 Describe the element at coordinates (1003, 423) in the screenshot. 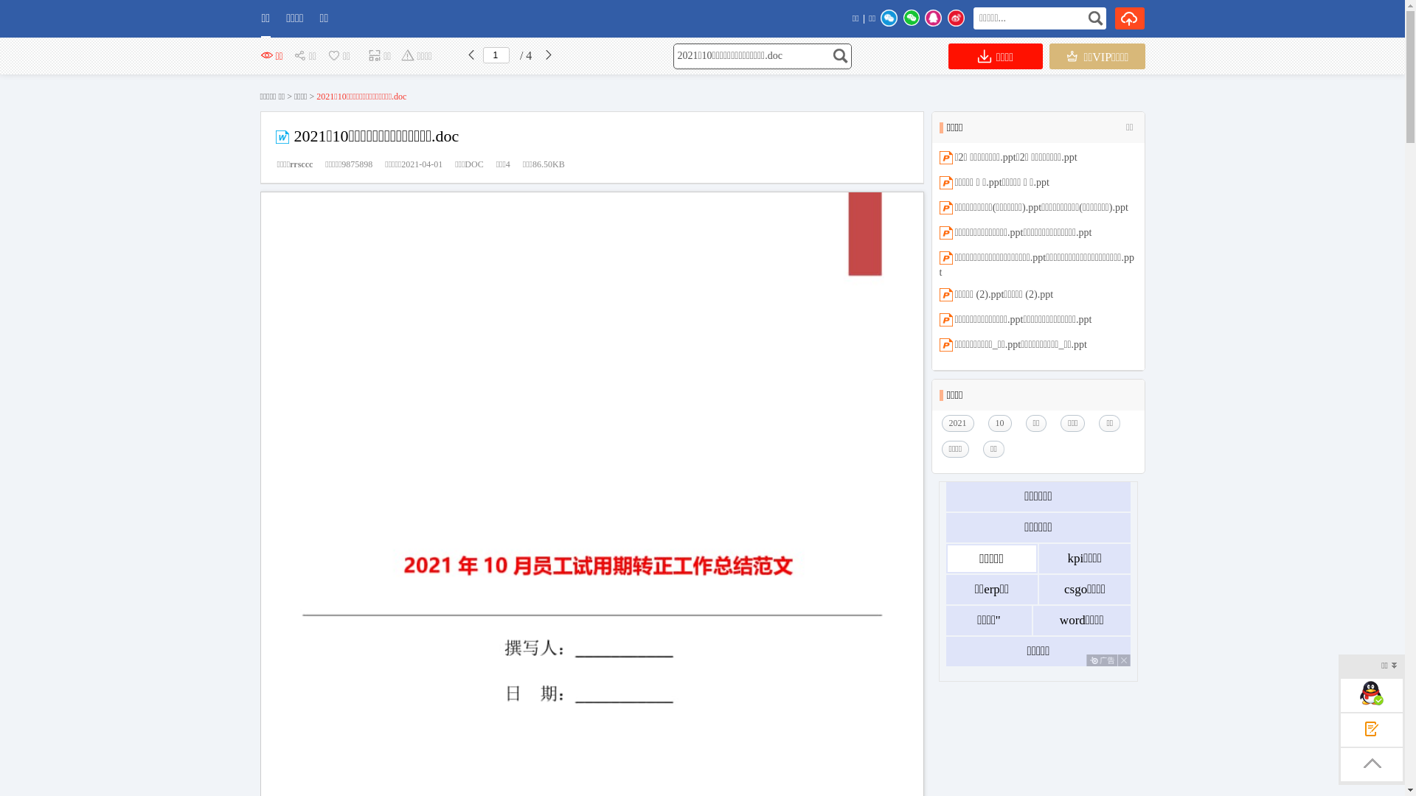

I see `'10'` at that location.